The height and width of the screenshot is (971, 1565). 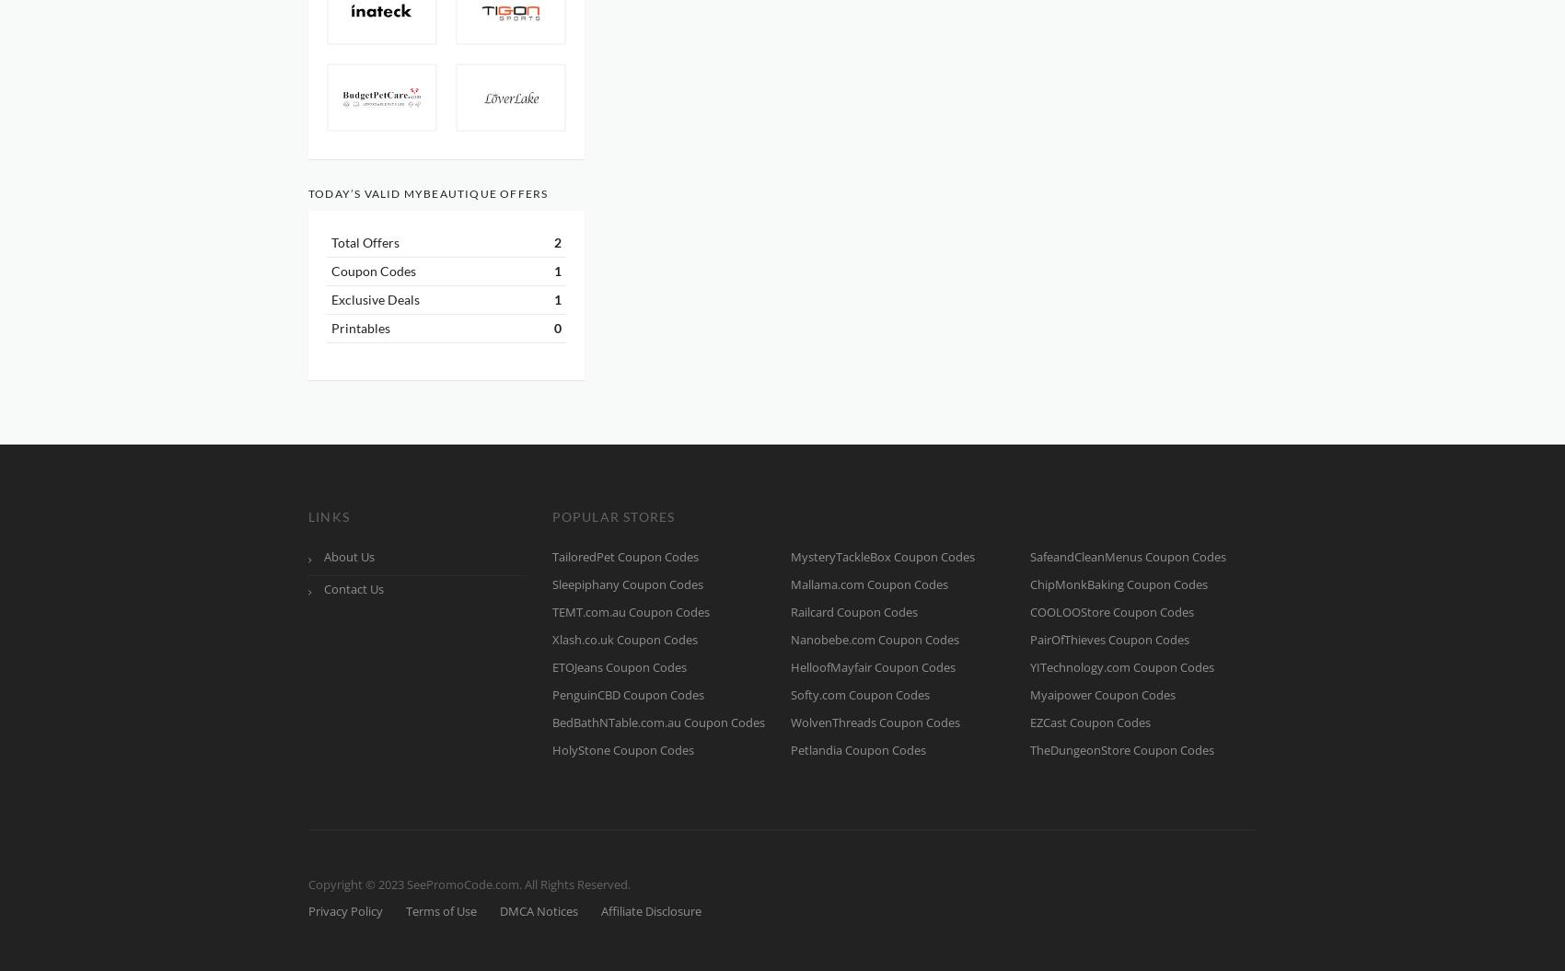 I want to click on 'HolyStone Coupon Codes', so click(x=621, y=748).